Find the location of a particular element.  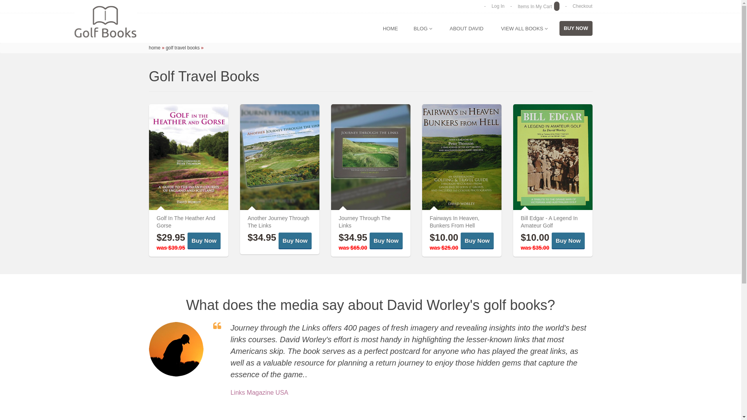

'Code fwinheav' is located at coordinates (461, 157).